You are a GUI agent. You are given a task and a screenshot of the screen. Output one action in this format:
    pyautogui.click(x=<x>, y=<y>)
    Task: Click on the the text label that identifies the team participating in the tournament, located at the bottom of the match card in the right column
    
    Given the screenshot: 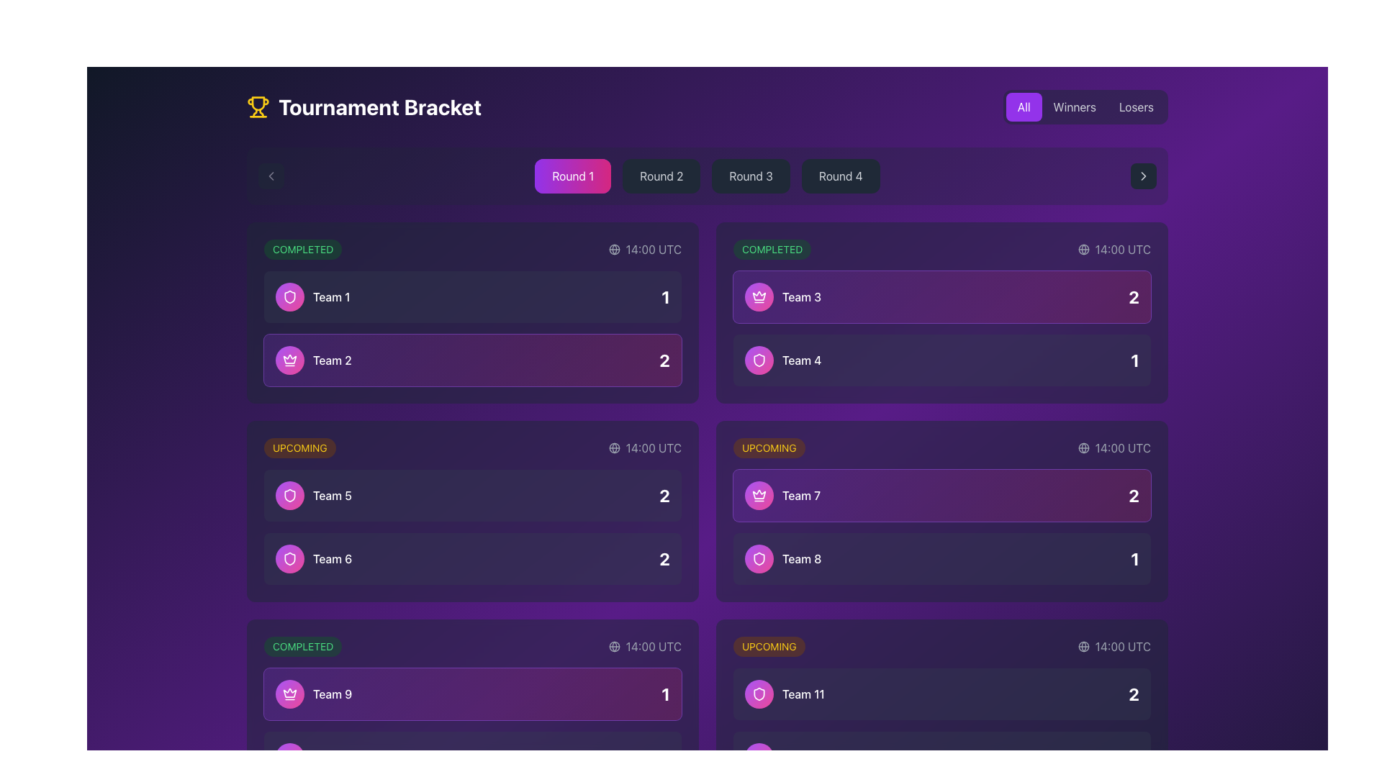 What is the action you would take?
    pyautogui.click(x=800, y=495)
    